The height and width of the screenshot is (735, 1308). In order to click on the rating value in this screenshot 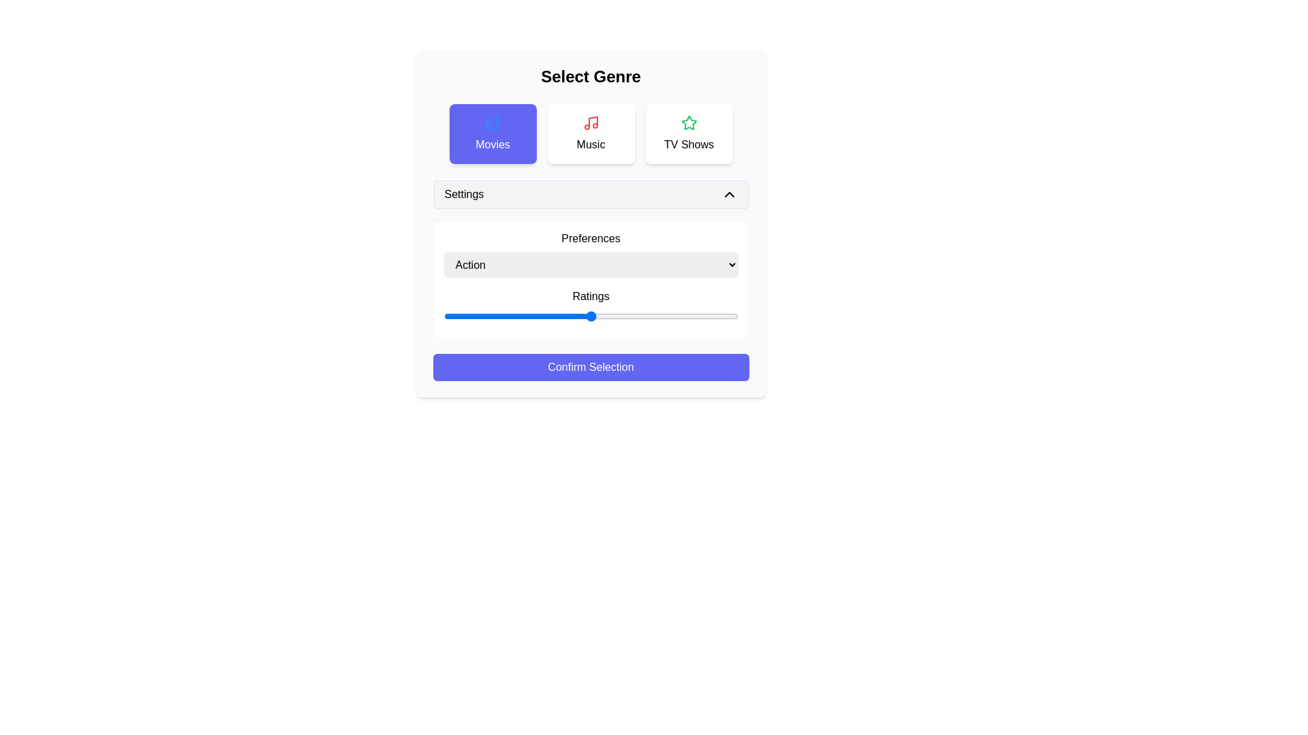, I will do `click(708, 316)`.